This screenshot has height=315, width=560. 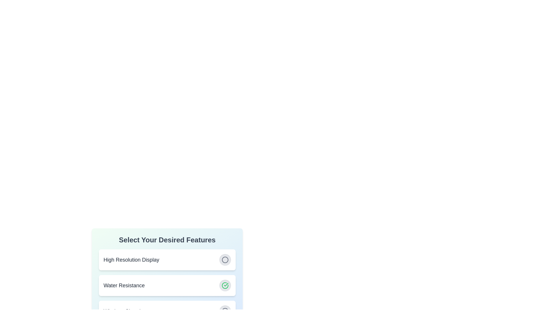 I want to click on the circular button with a green checkmark icon, which indicates a selected state, located to the right of the 'Water Resistance' label within a white card, so click(x=225, y=285).